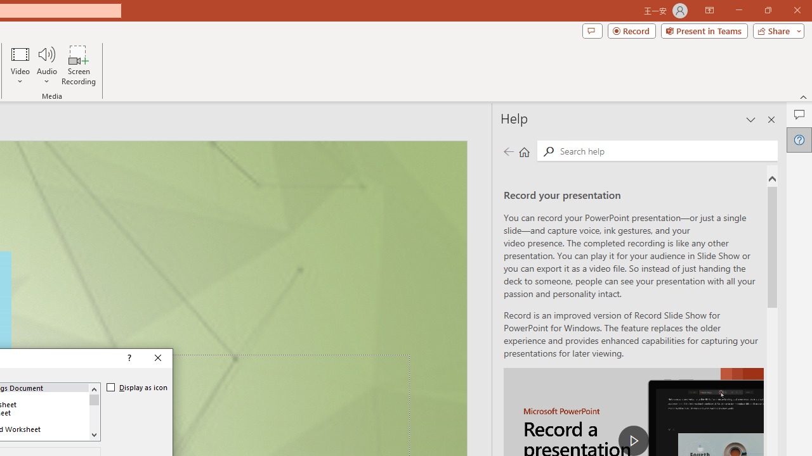  I want to click on 'Context help', so click(128, 358).